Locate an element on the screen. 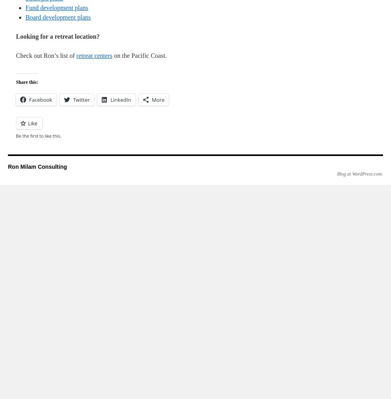  'retreat centers' is located at coordinates (94, 55).